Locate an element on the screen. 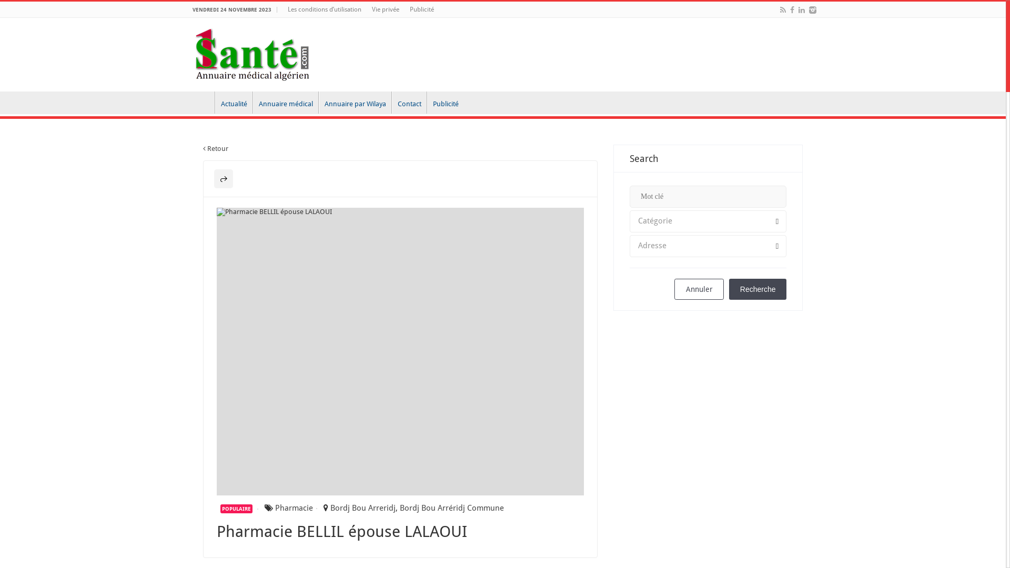 The image size is (1010, 568). 'Facebook' is located at coordinates (789, 10).